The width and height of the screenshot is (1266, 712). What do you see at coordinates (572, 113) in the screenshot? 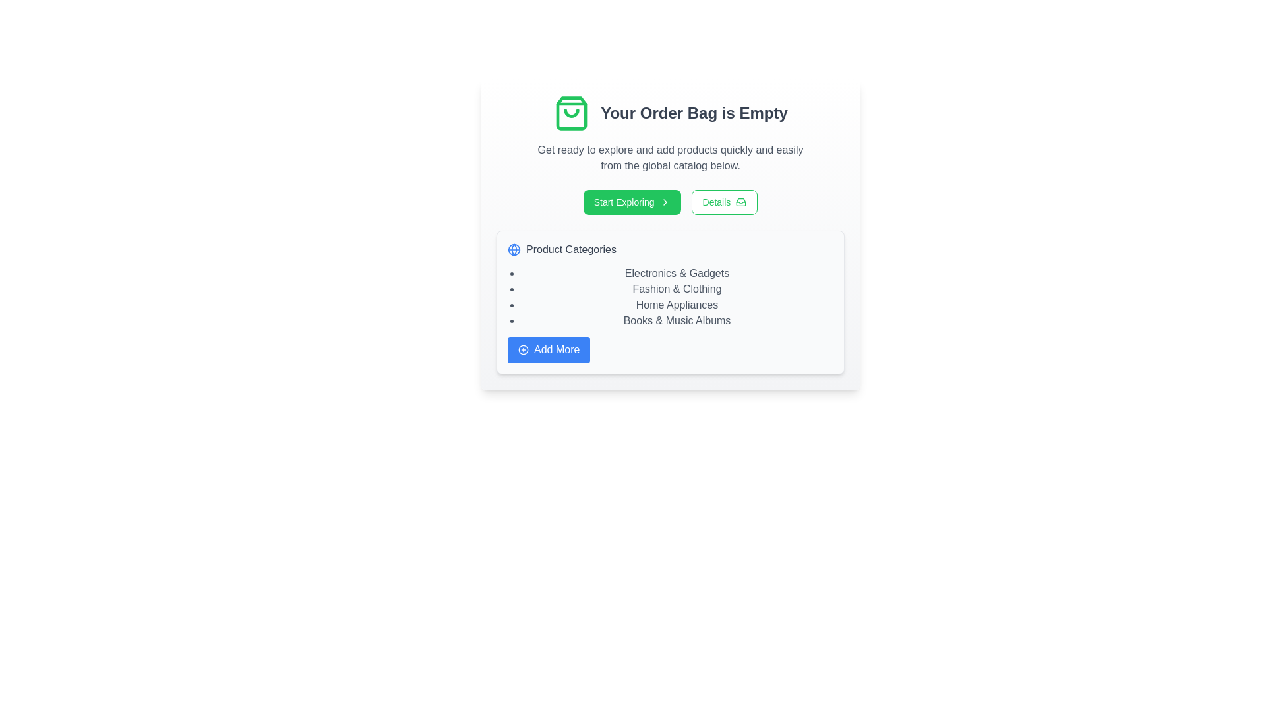
I see `the shopping bag icon located at the top left corner of the card, next to the text 'Your Order Bag is Empty'` at bounding box center [572, 113].